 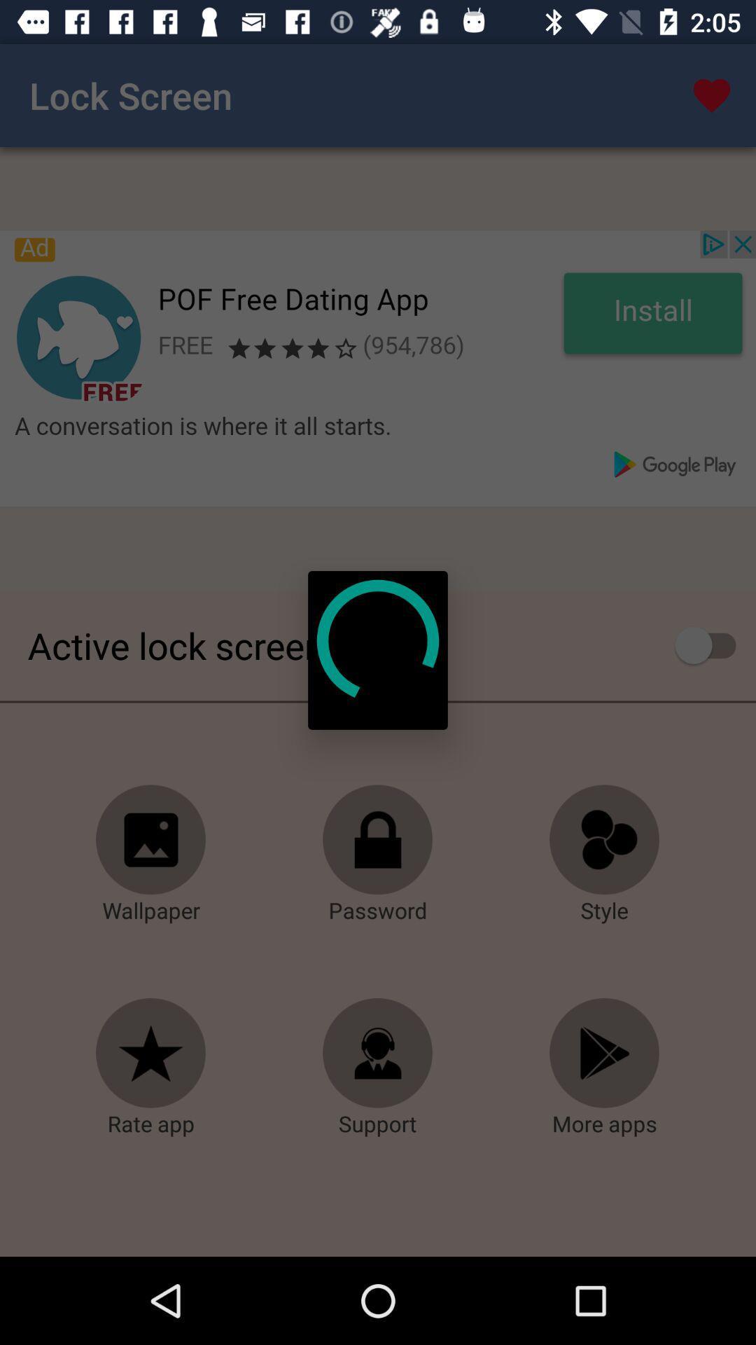 What do you see at coordinates (604, 1053) in the screenshot?
I see `loads more apps` at bounding box center [604, 1053].